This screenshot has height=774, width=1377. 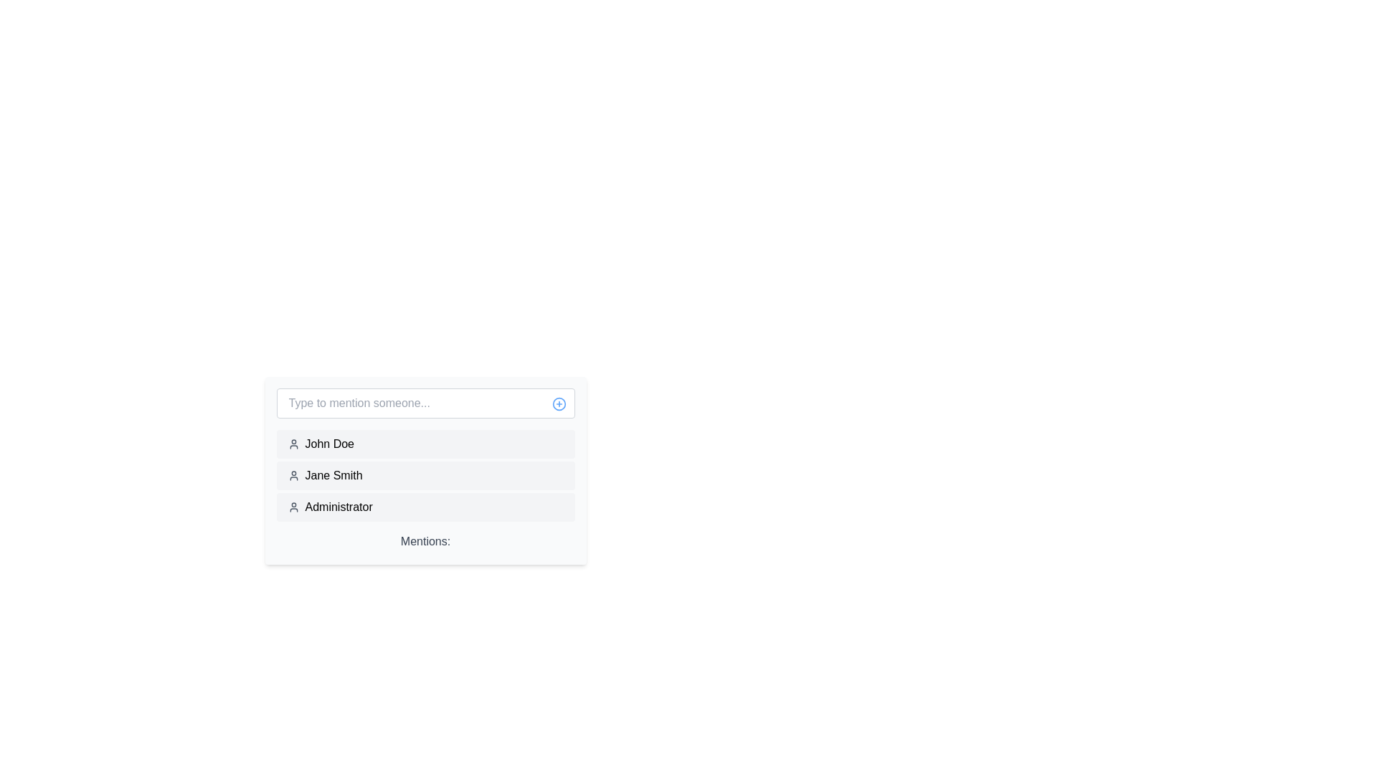 I want to click on the blue bordered circular SVG icon with a plus sign, positioned at the top-right corner of the text input box, so click(x=558, y=403).